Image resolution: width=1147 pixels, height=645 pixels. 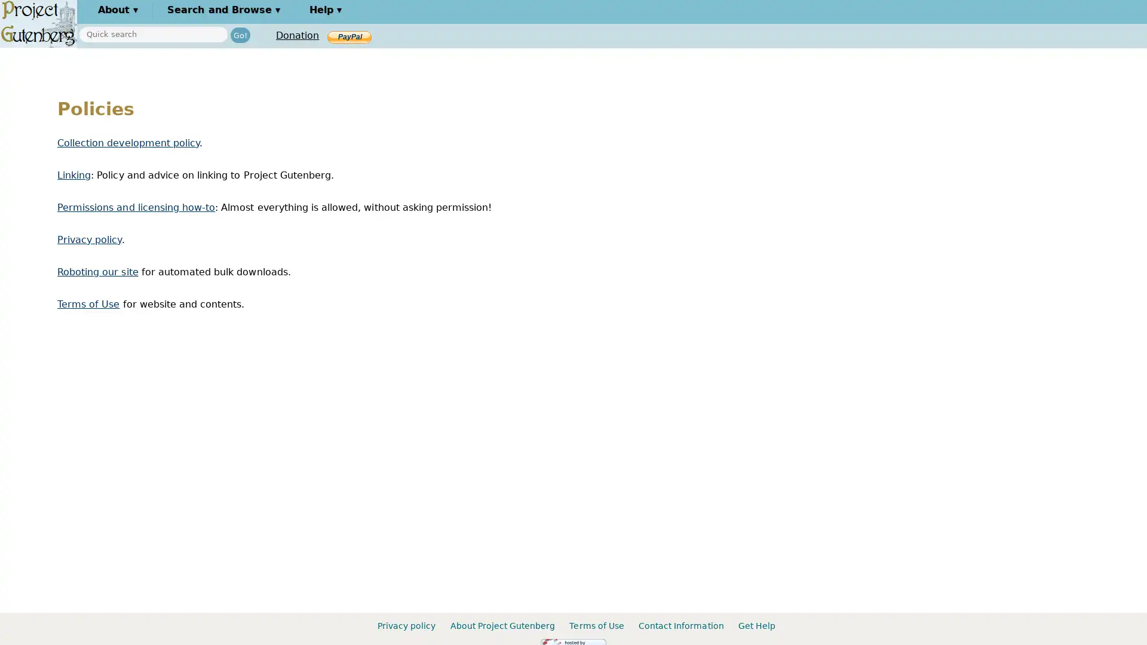 I want to click on Go!, so click(x=240, y=34).